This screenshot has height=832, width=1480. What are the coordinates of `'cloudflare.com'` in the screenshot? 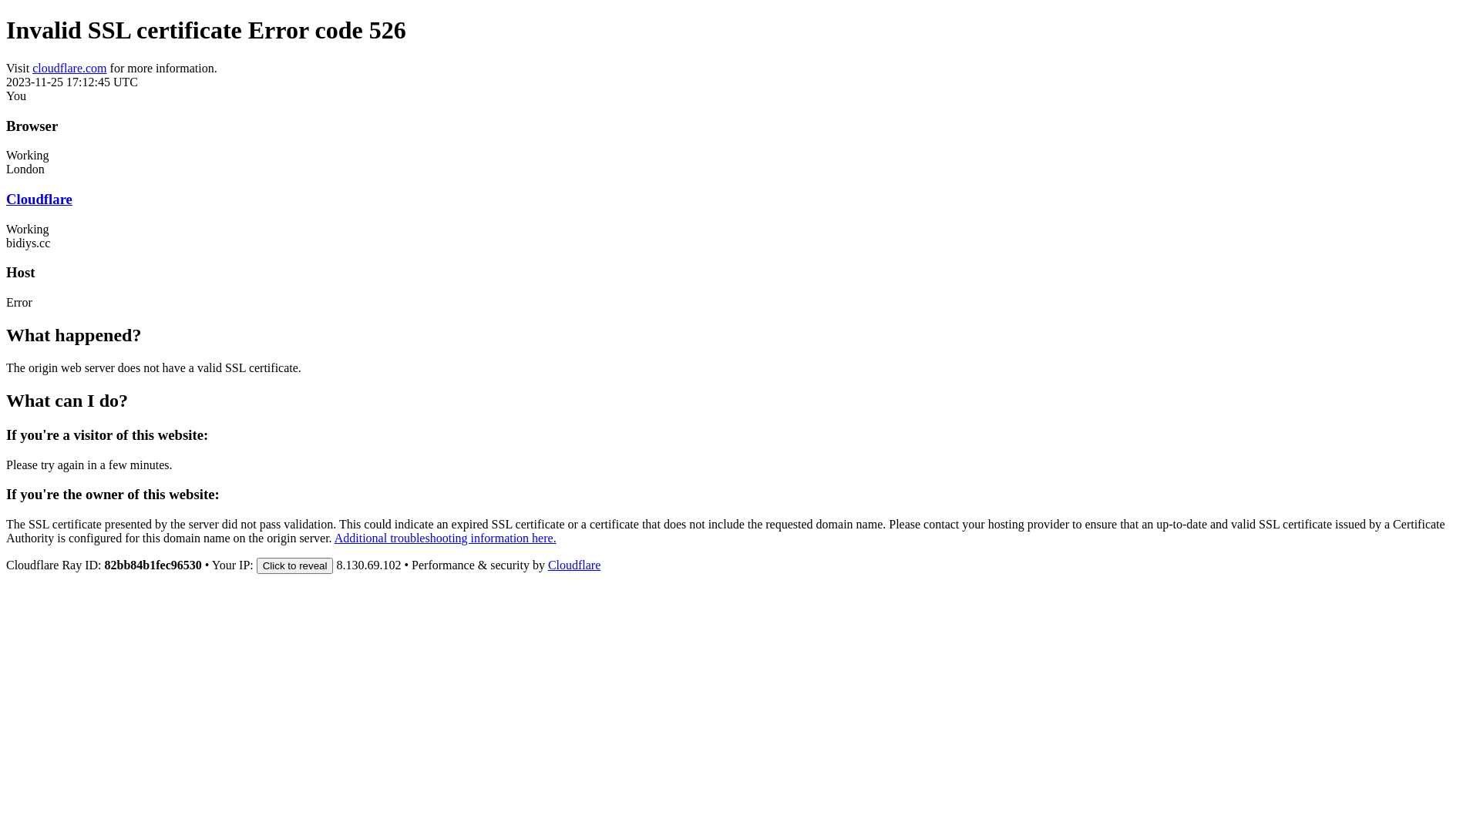 It's located at (32, 67).